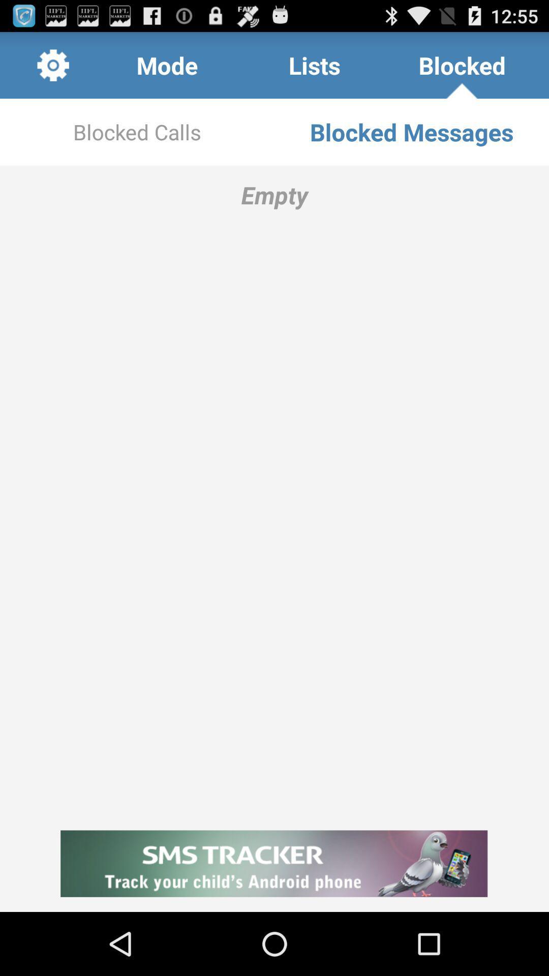 The height and width of the screenshot is (976, 549). What do you see at coordinates (53, 69) in the screenshot?
I see `the settings icon` at bounding box center [53, 69].